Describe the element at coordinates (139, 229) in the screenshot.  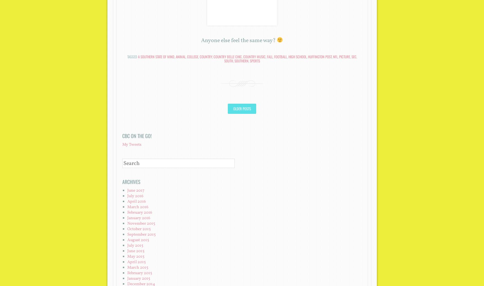
I see `'October 2015'` at that location.